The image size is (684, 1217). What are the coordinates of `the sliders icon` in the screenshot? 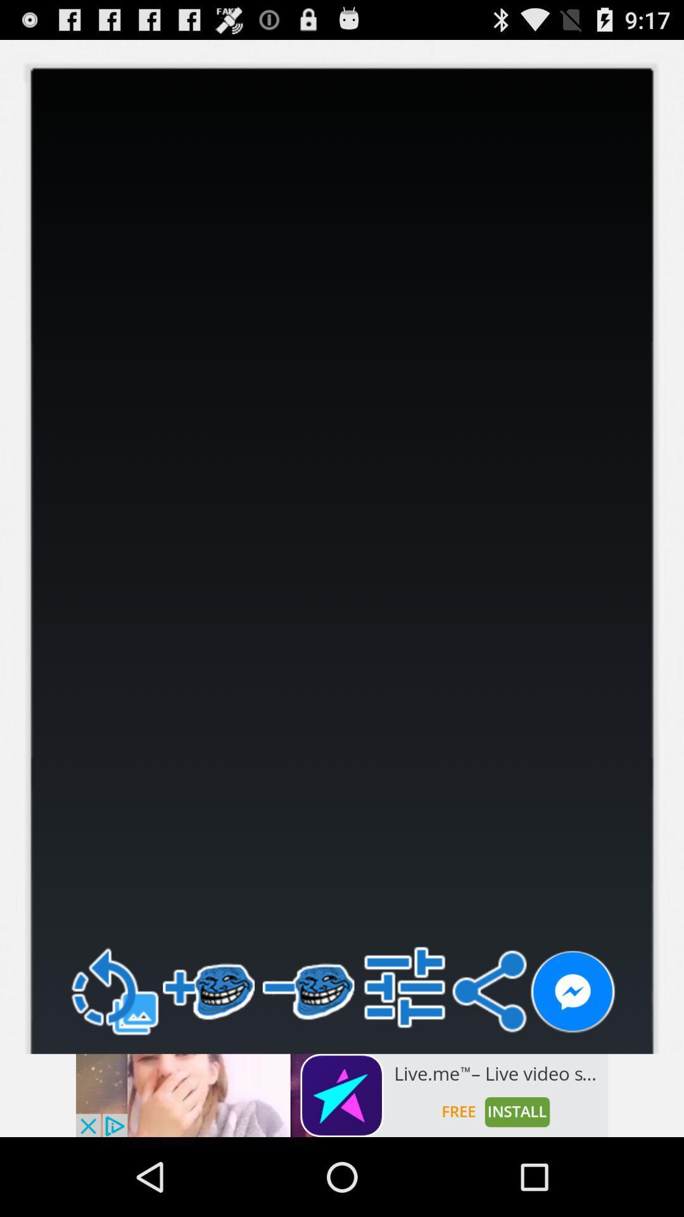 It's located at (405, 1057).